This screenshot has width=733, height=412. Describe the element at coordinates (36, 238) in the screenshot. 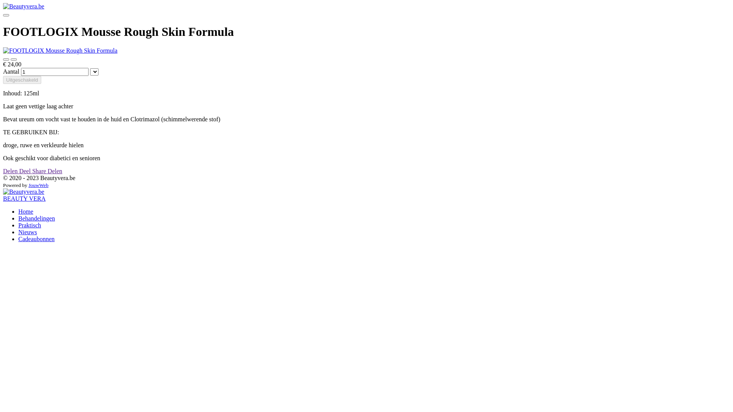

I see `'Cadeaubonnen'` at that location.